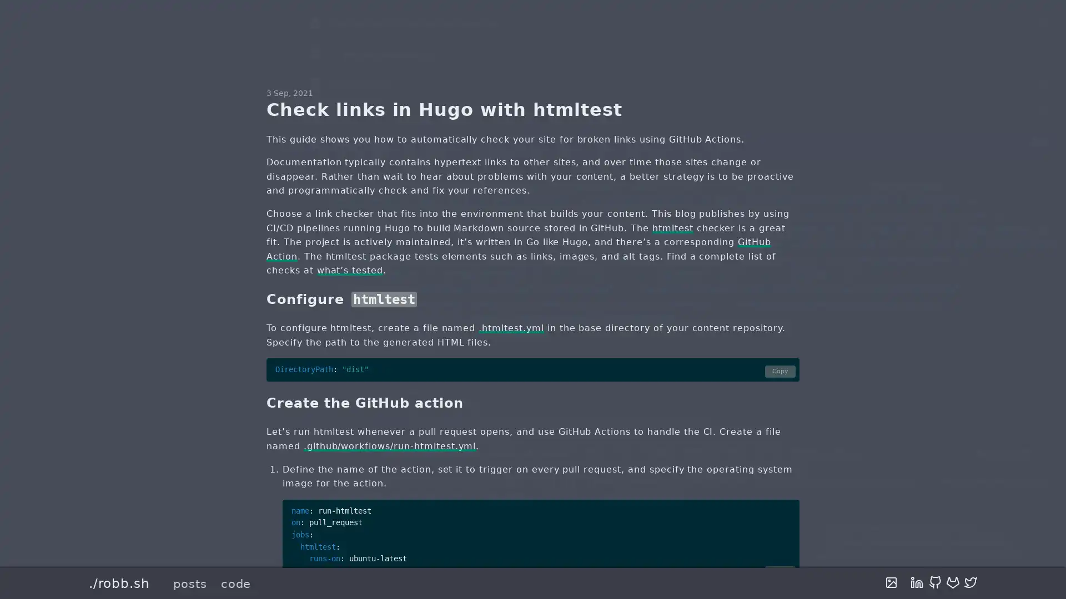  What do you see at coordinates (780, 572) in the screenshot?
I see `Copy` at bounding box center [780, 572].